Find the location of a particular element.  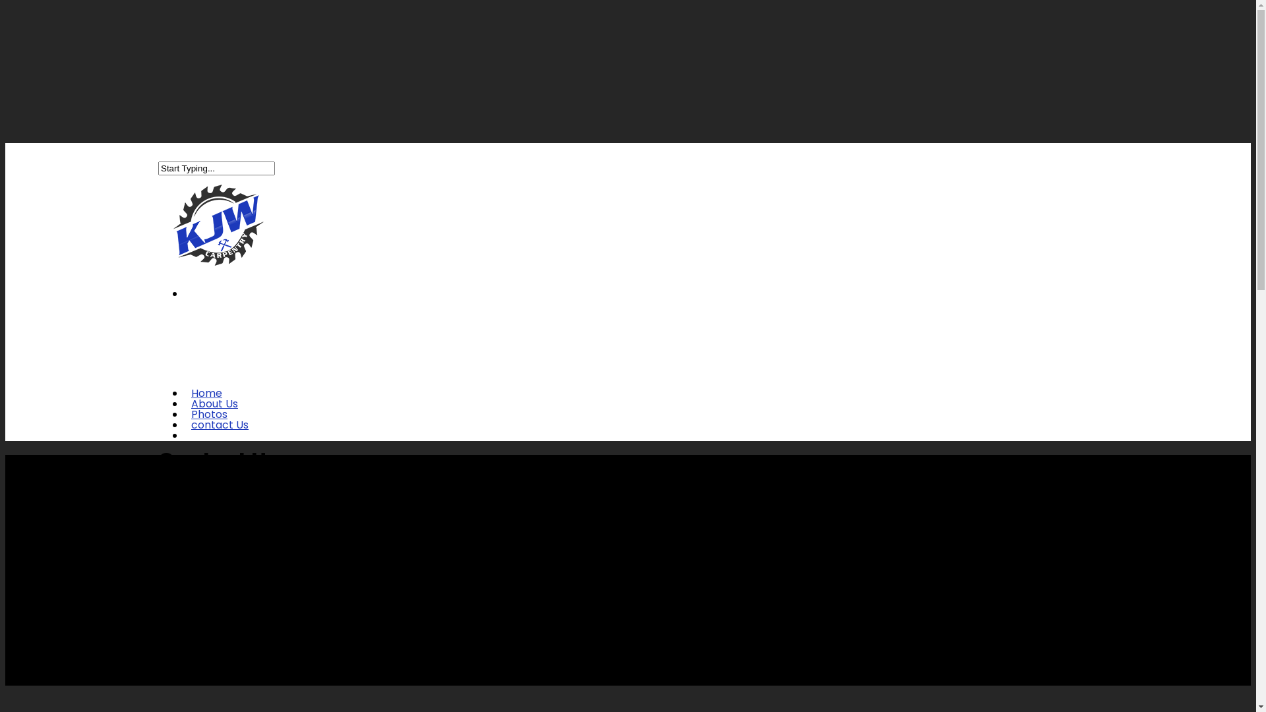

'Get a Quote' is located at coordinates (223, 444).